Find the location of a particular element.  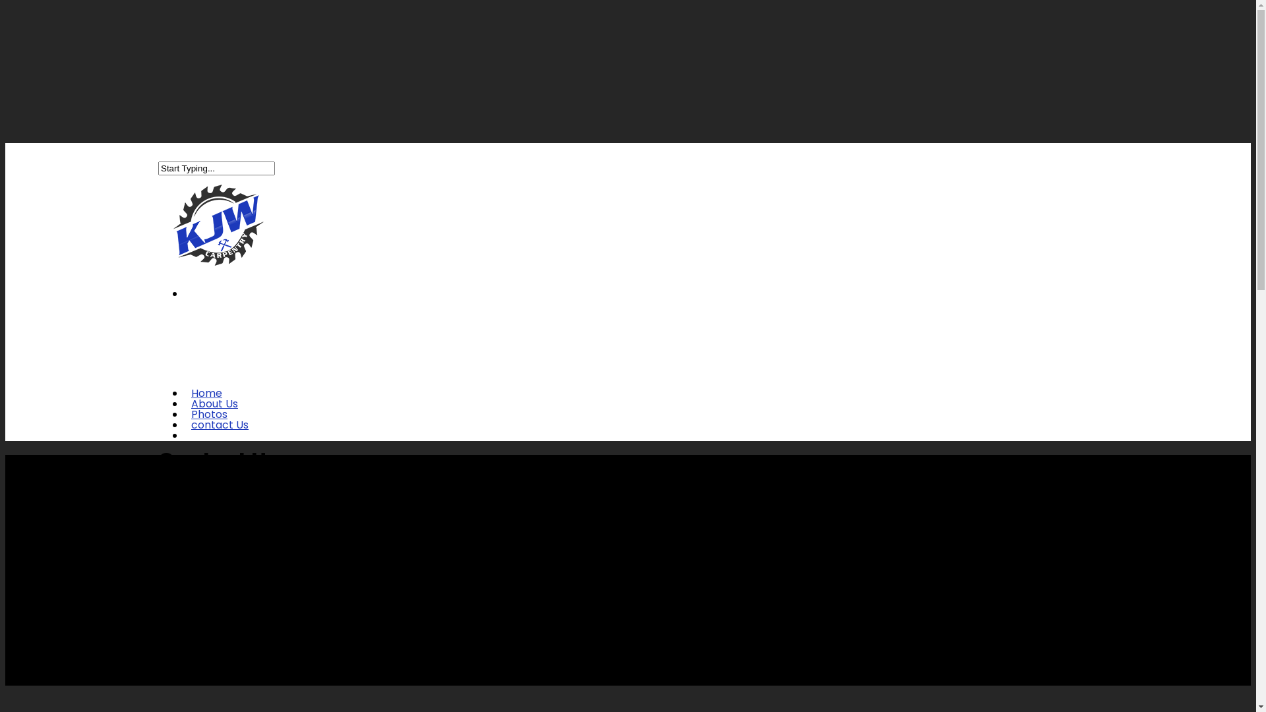

'Get a Quote' is located at coordinates (223, 444).